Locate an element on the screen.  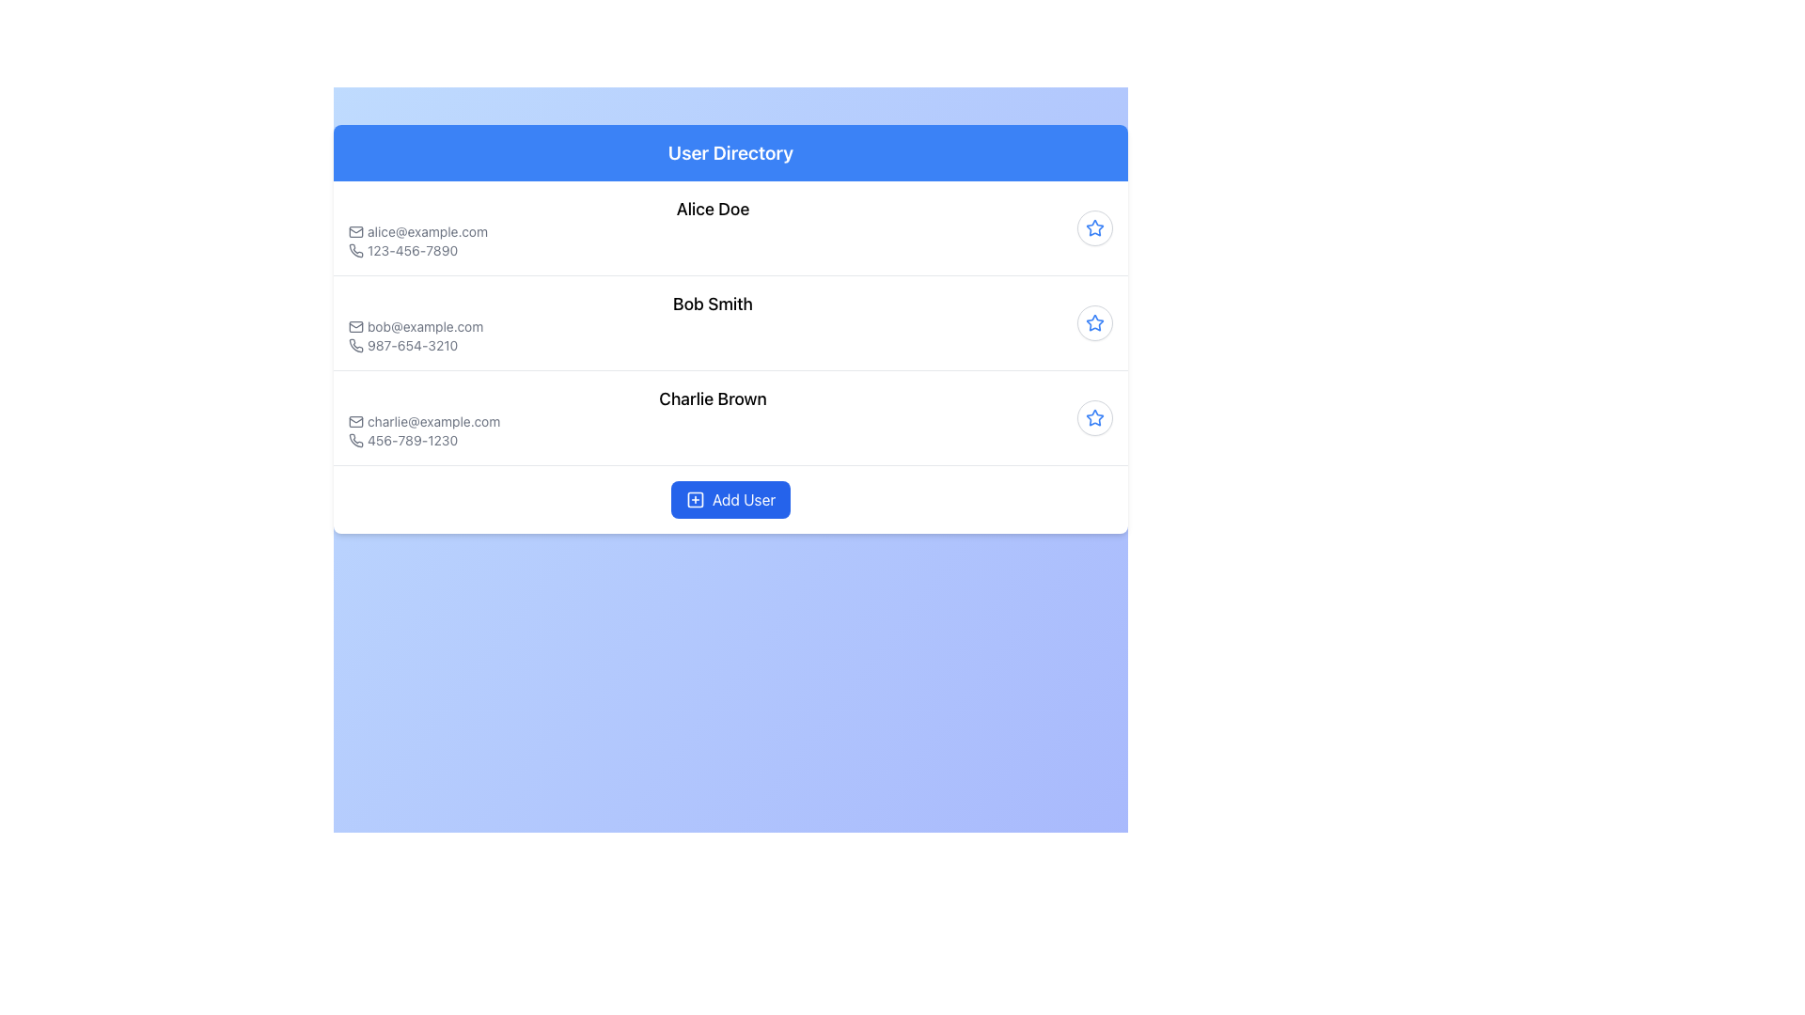
the button located at the right end of the row containing the contact information for 'Bob Smith', next to '987-654-3210' is located at coordinates (1095, 321).